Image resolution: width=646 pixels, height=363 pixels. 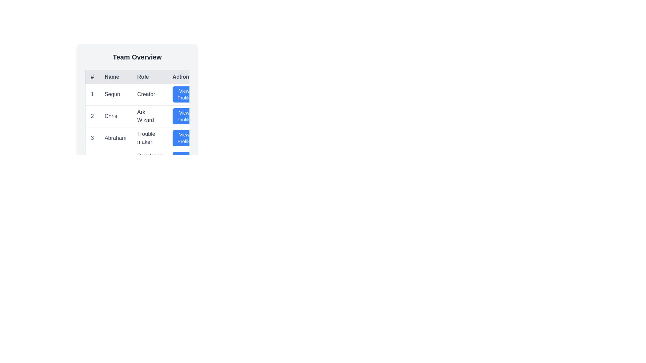 What do you see at coordinates (92, 116) in the screenshot?
I see `the numeral '2' element in the second row of the table that represents a team member's details` at bounding box center [92, 116].